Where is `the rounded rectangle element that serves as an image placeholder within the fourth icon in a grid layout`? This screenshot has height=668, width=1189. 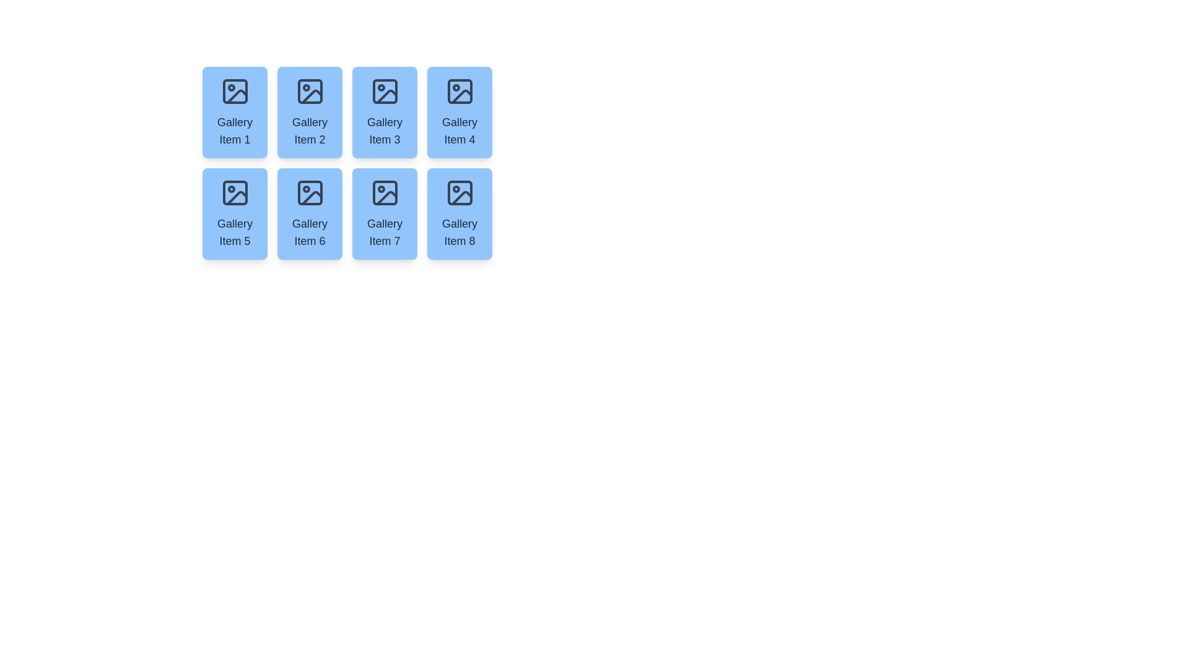 the rounded rectangle element that serves as an image placeholder within the fourth icon in a grid layout is located at coordinates (459, 90).